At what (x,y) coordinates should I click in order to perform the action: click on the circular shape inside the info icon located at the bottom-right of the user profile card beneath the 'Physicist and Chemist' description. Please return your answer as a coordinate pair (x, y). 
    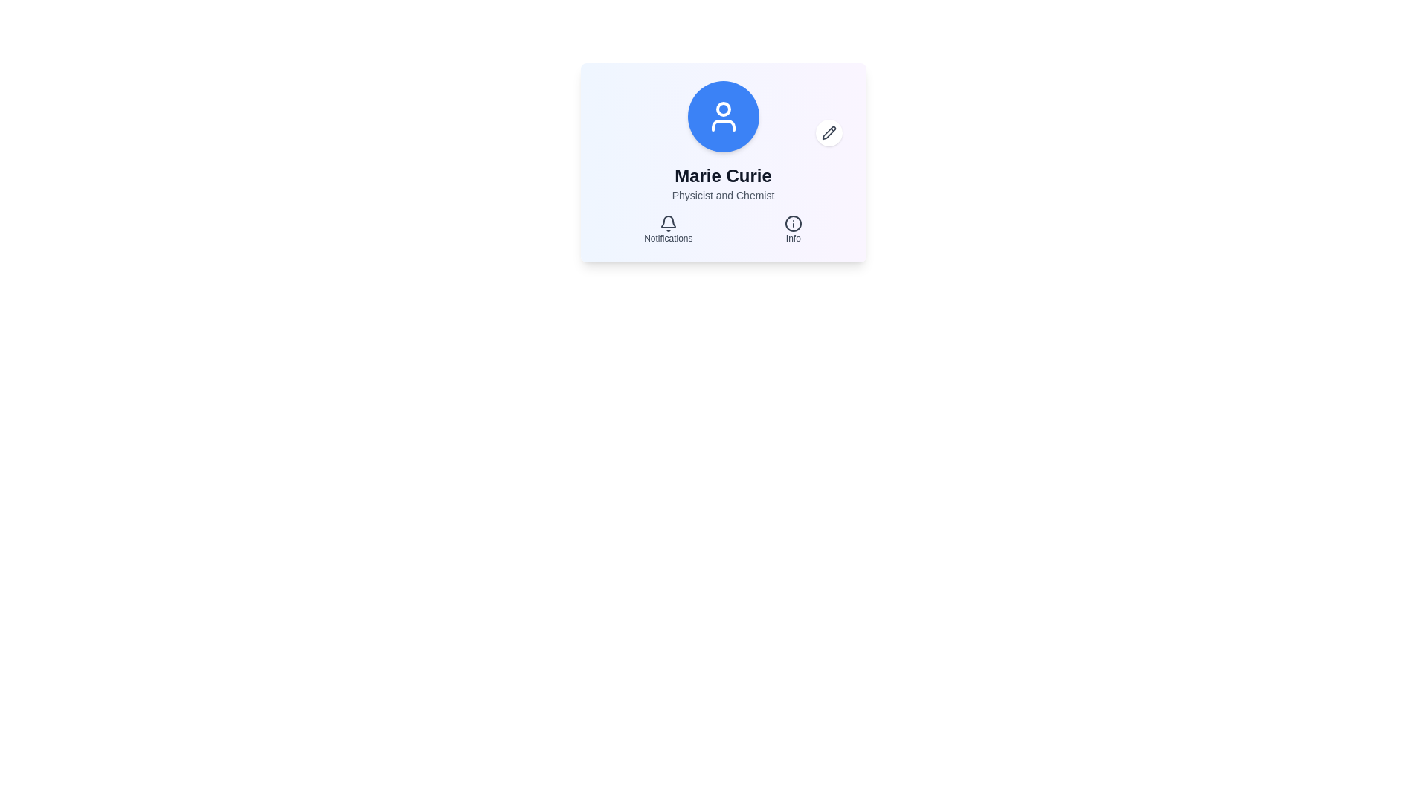
    Looking at the image, I should click on (792, 223).